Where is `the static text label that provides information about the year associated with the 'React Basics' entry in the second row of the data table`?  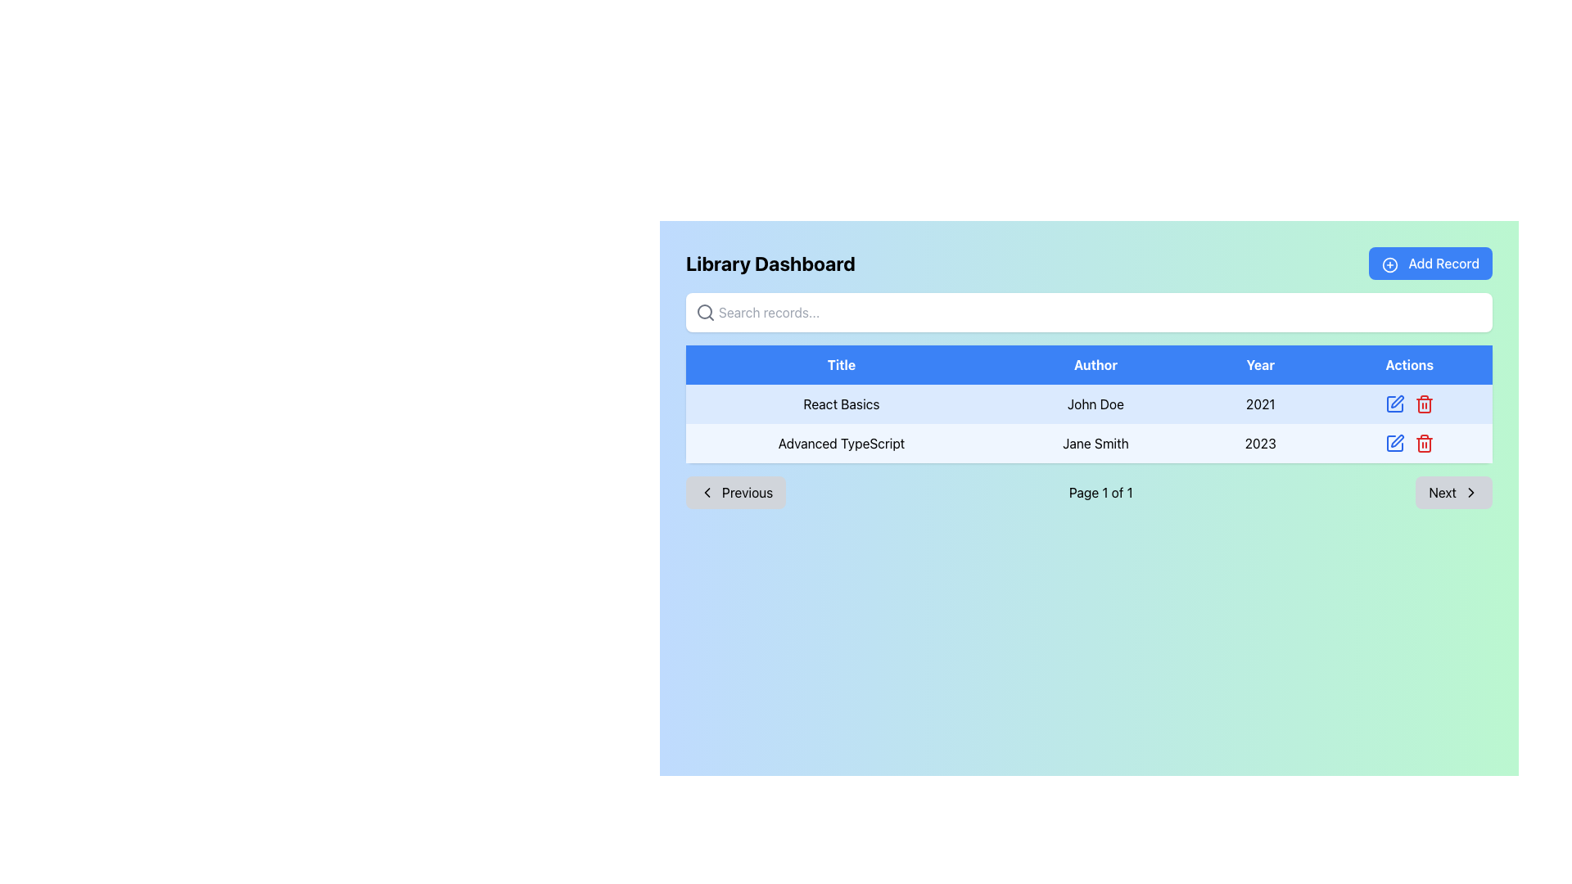
the static text label that provides information about the year associated with the 'React Basics' entry in the second row of the data table is located at coordinates (1259, 404).